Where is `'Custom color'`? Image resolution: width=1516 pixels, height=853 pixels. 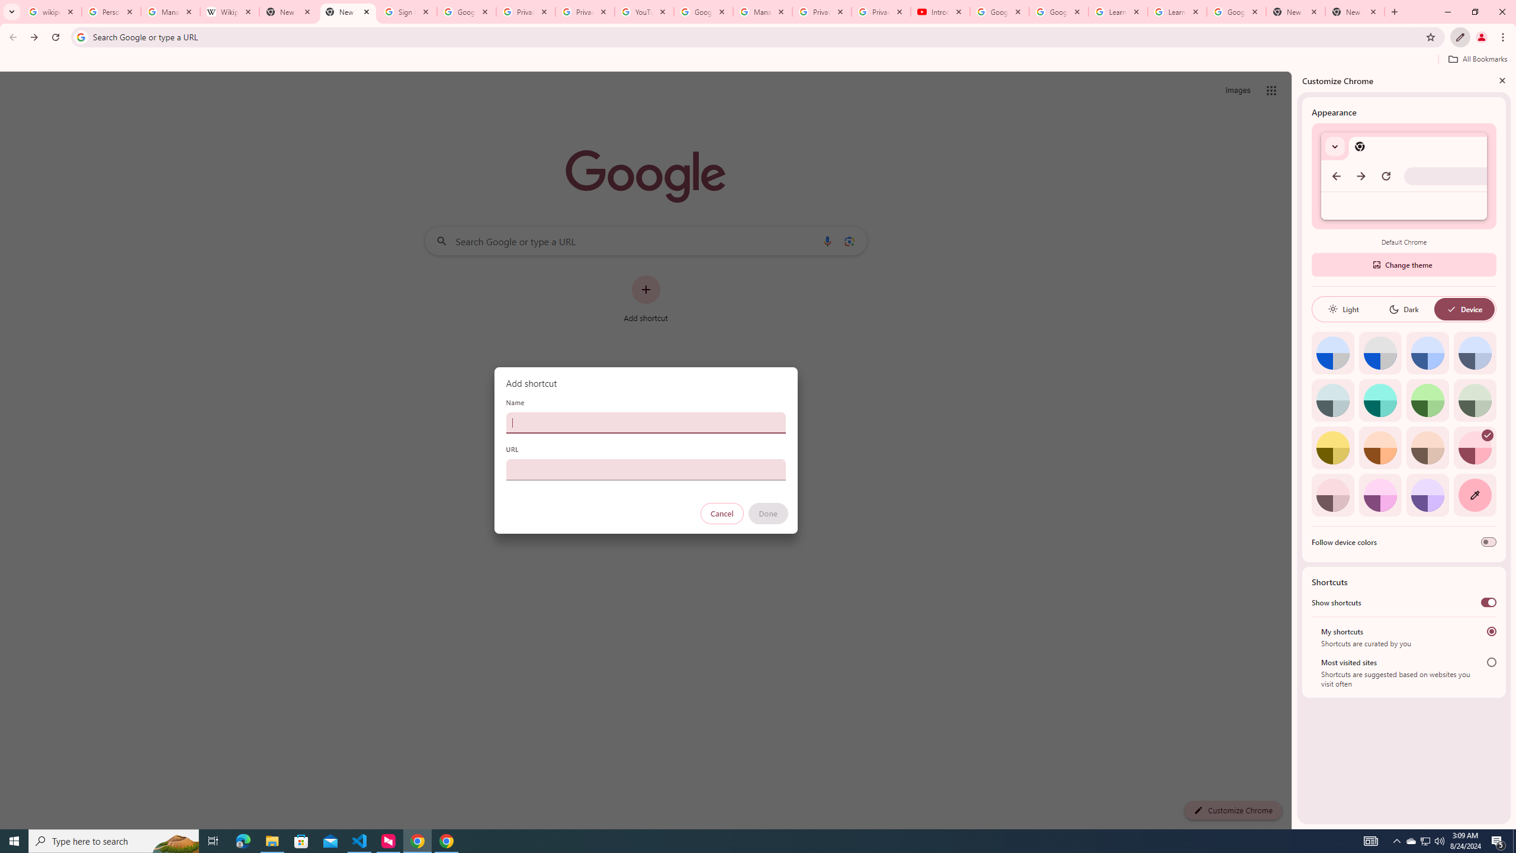
'Custom color' is located at coordinates (1475, 495).